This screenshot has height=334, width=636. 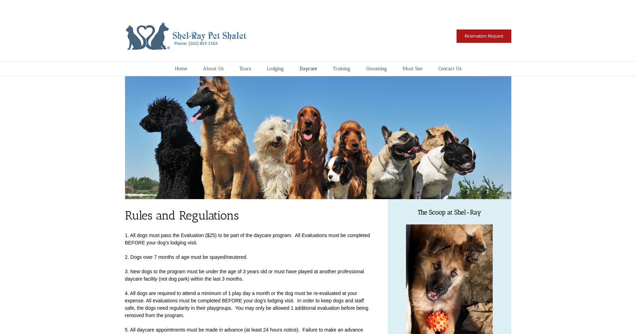 I want to click on 'Testimonials', so click(x=414, y=117).